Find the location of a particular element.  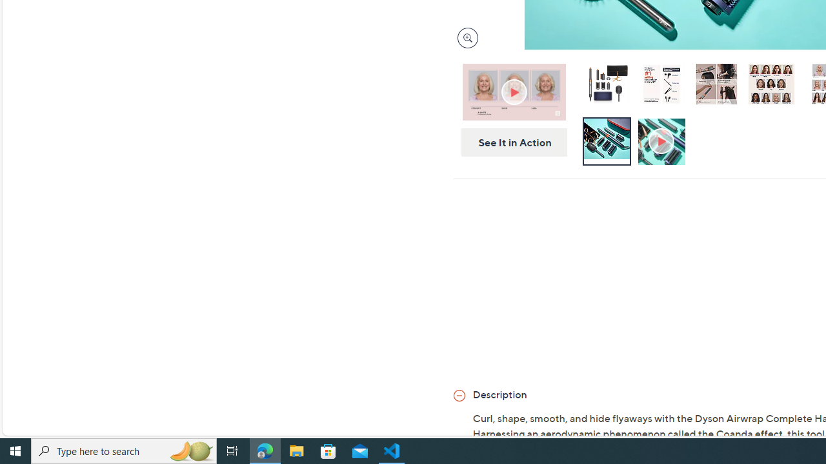

'See It in Action' is located at coordinates (509, 142).